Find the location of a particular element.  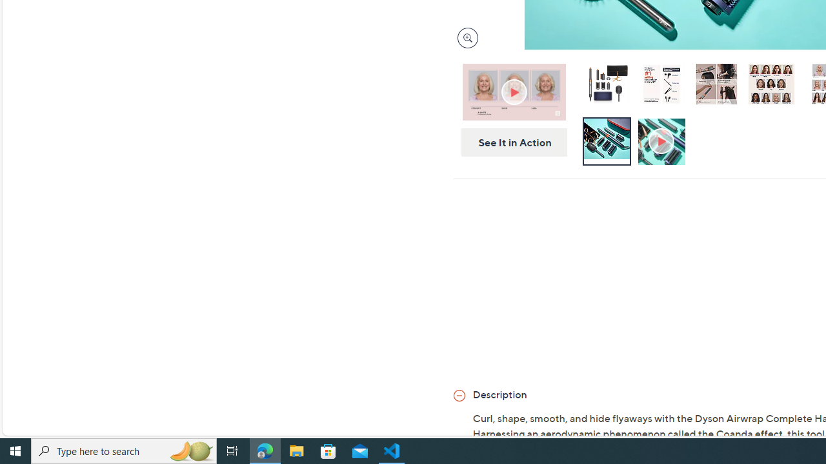

'See It in Action' is located at coordinates (509, 142).